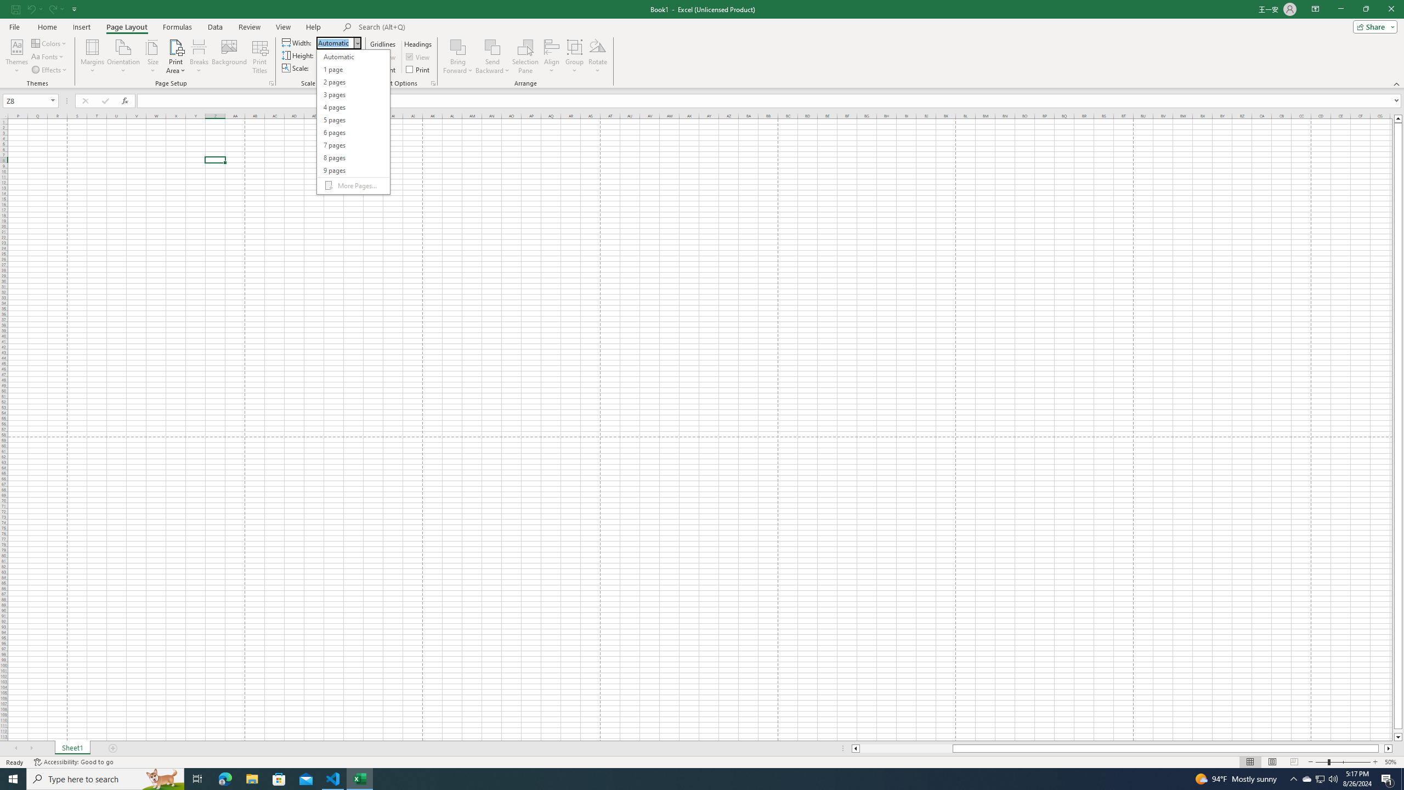 This screenshot has width=1404, height=790. Describe the element at coordinates (1372, 26) in the screenshot. I see `'Share'` at that location.